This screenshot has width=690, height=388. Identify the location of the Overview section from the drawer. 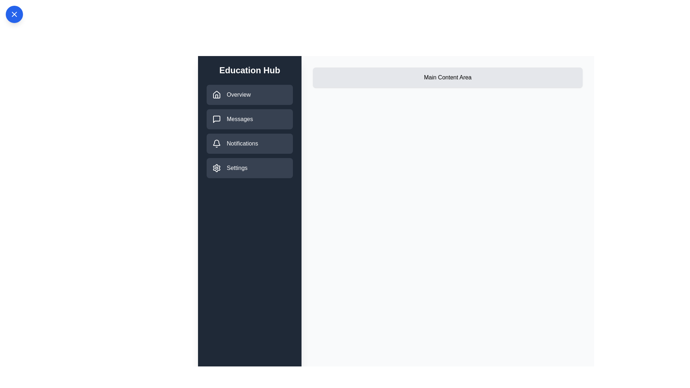
(250, 94).